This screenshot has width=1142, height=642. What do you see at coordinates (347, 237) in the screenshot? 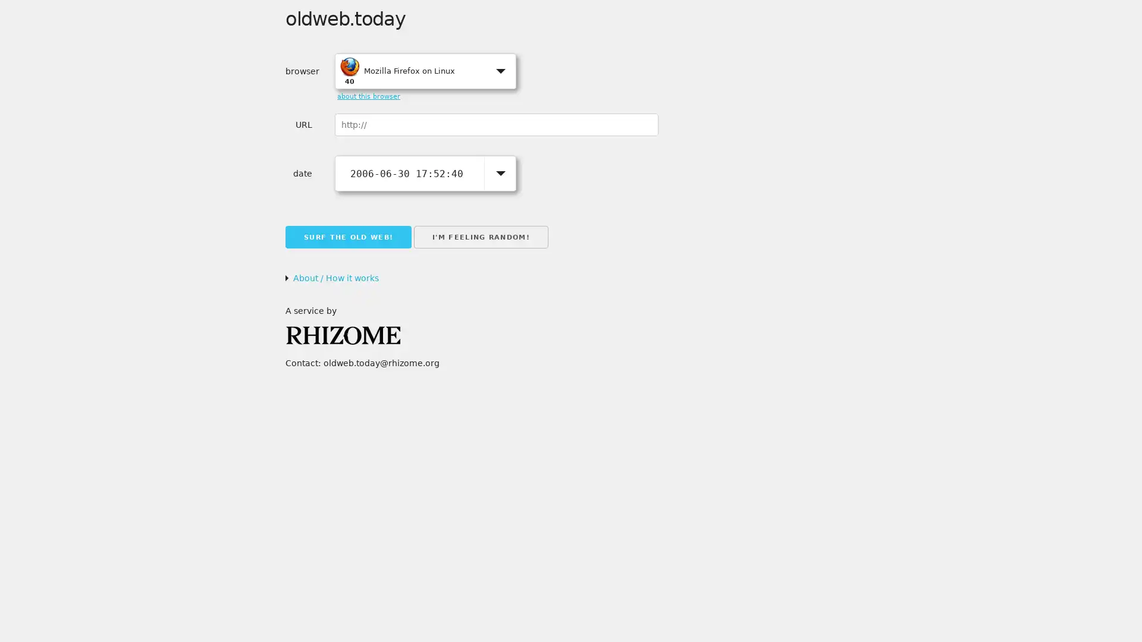
I see `SURF THE OLD WEB!` at bounding box center [347, 237].